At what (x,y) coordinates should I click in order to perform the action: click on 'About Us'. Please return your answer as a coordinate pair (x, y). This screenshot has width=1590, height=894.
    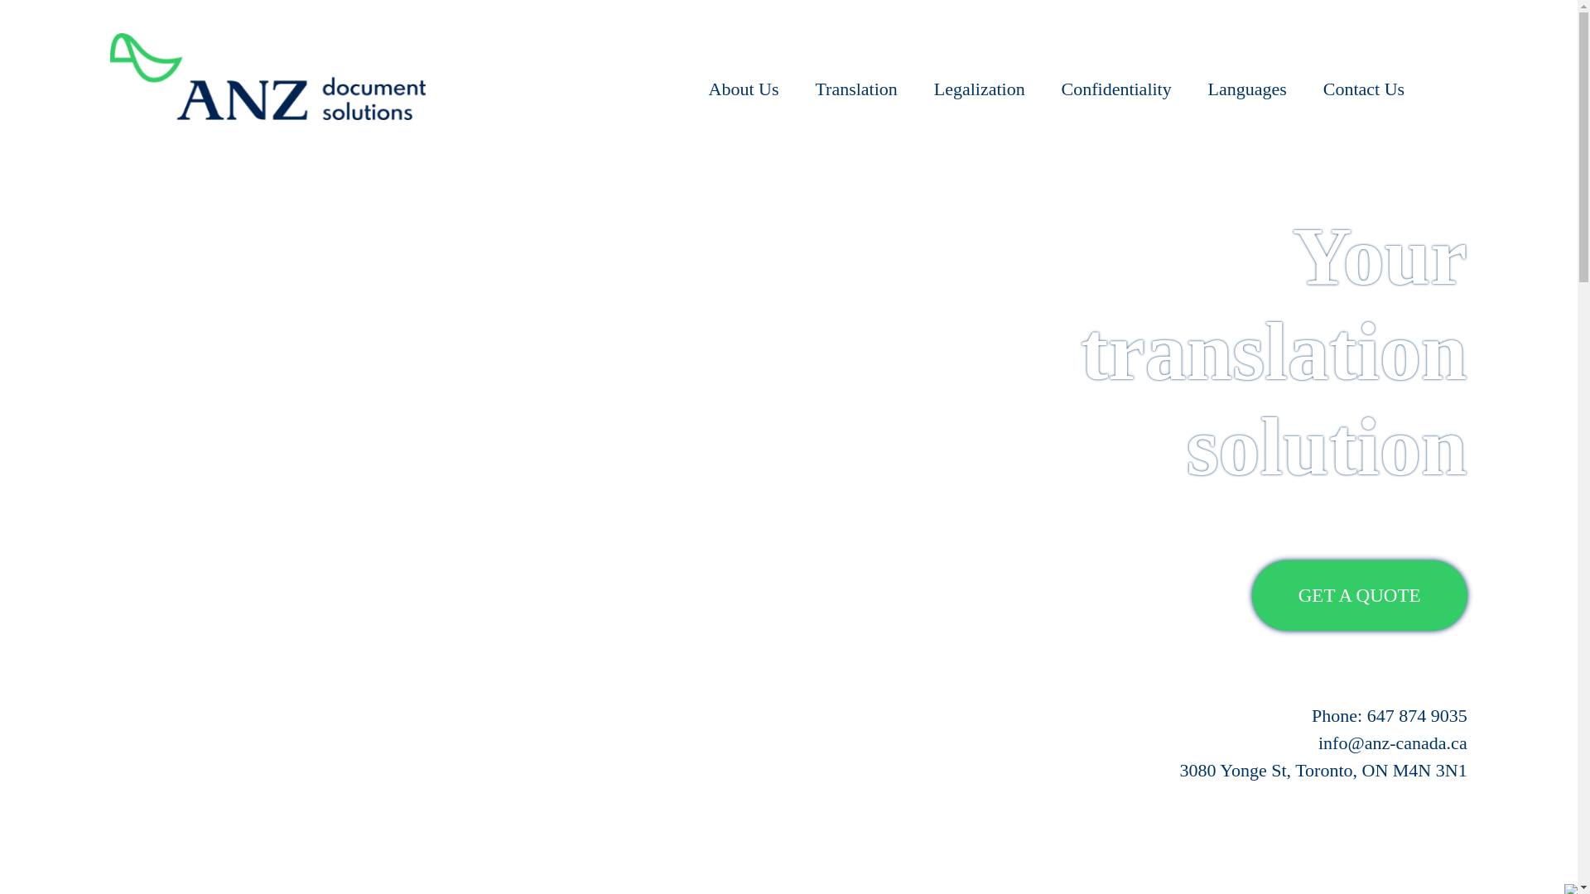
    Looking at the image, I should click on (708, 80).